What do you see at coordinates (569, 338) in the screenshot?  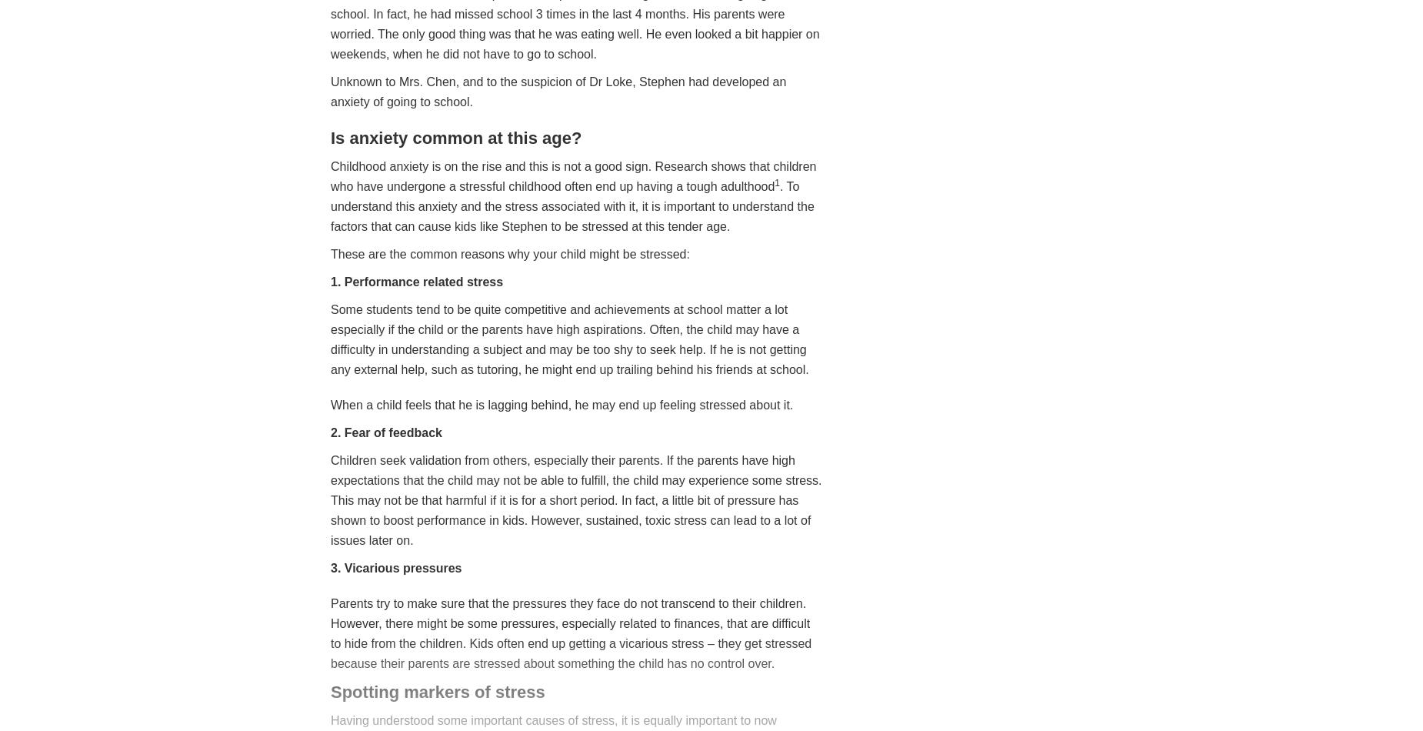 I see `'Some students tend to be quite competitive and achievements at school matter a lot especially if the child or the parents have high aspirations. Often, the child may have a difficulty in understanding a subject and may be too shy to seek help. If he is not getting any external help, such as tutoring, he might end up trailing behind his friends at school.'` at bounding box center [569, 338].